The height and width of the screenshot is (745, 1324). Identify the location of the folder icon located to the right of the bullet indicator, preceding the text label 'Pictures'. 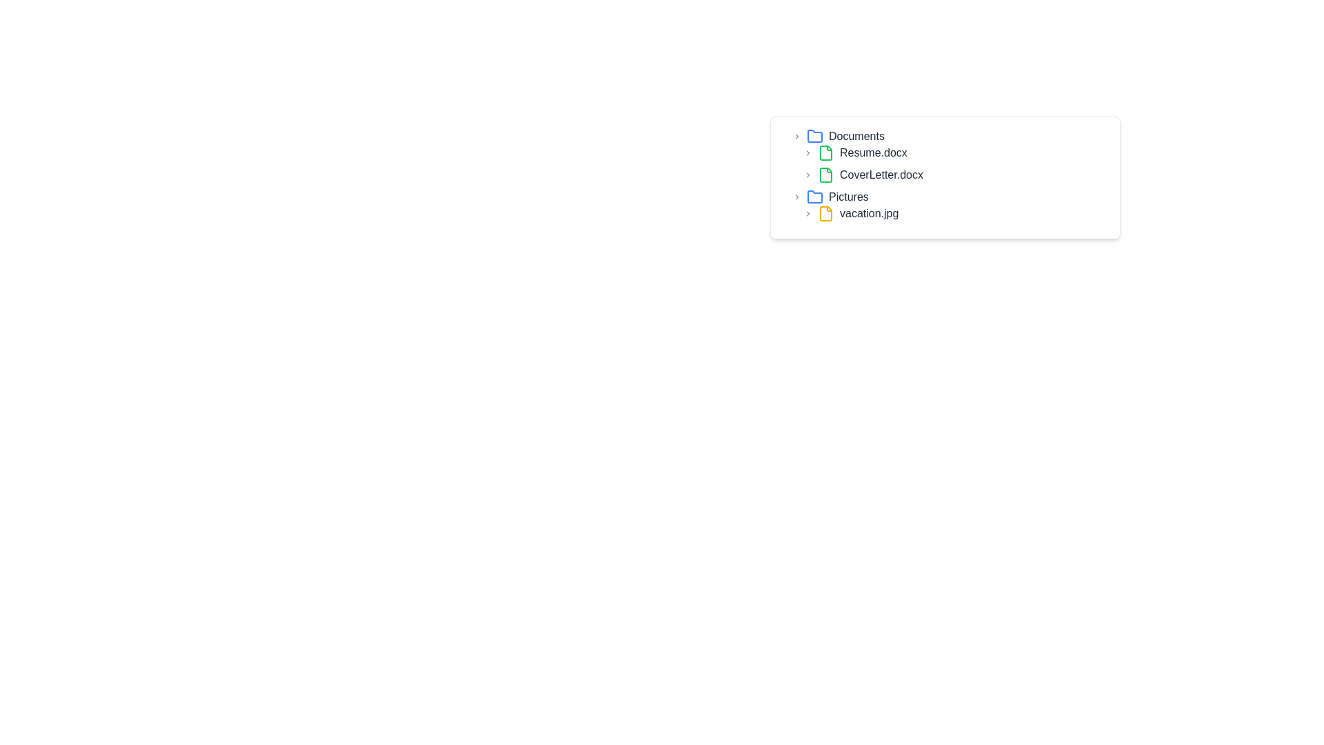
(814, 136).